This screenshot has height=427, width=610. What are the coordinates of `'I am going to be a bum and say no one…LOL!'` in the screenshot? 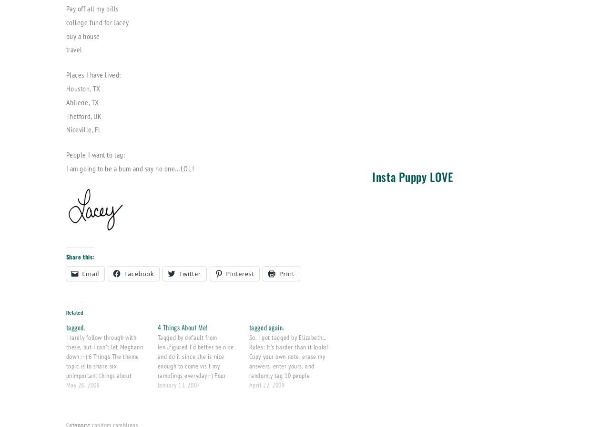 It's located at (65, 167).